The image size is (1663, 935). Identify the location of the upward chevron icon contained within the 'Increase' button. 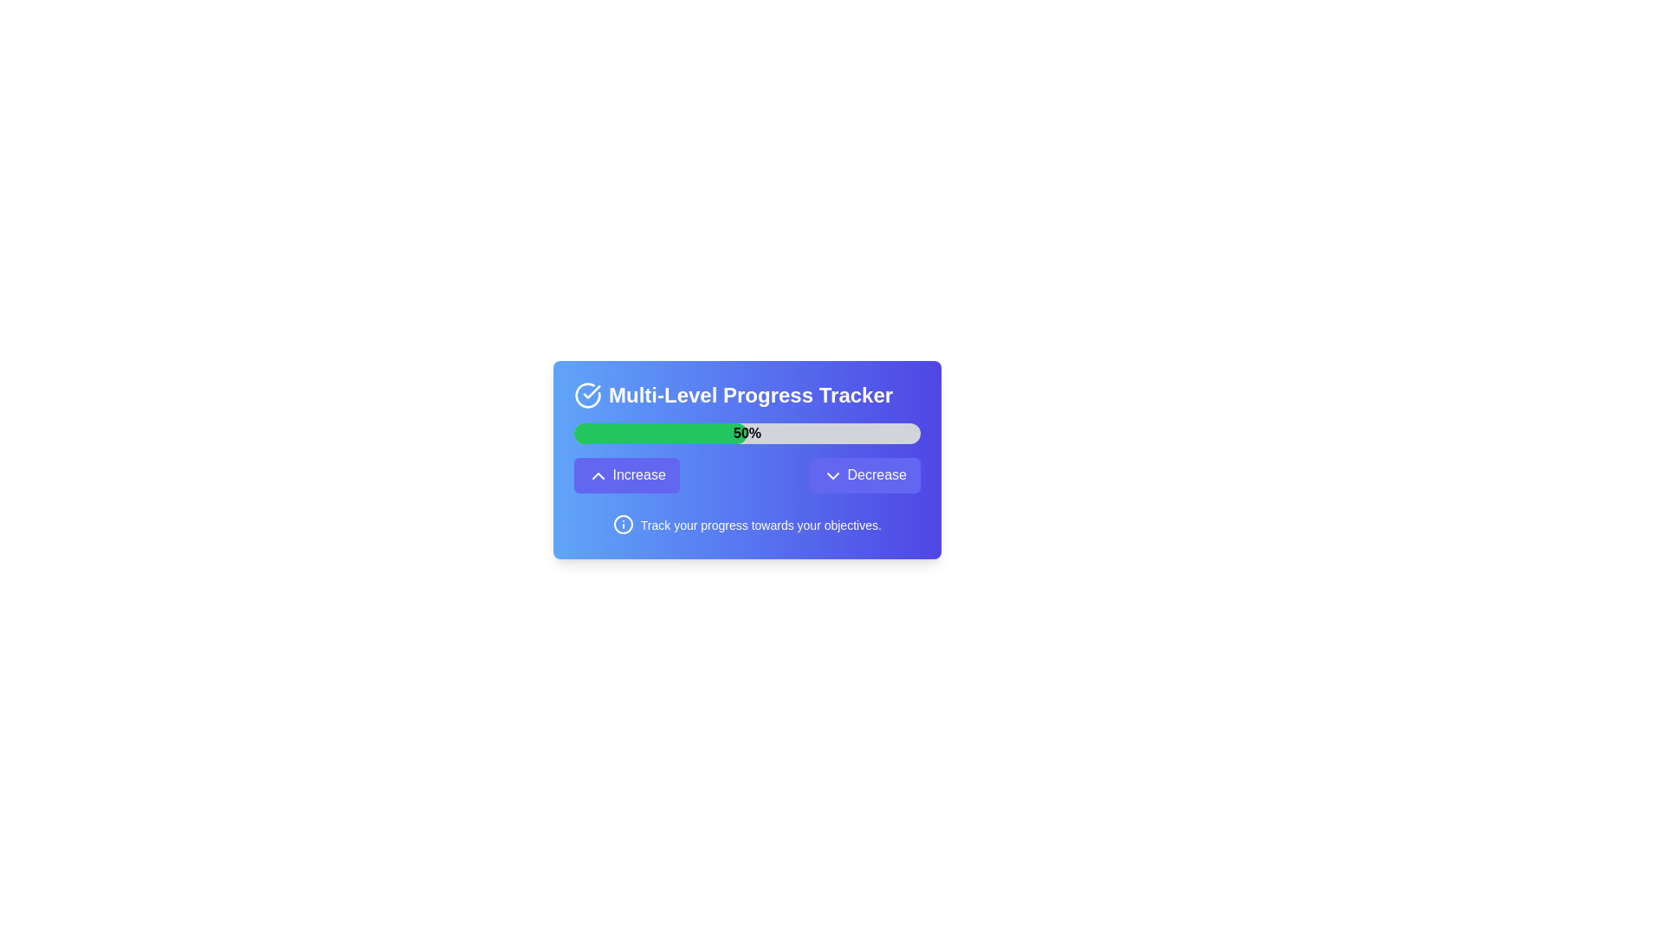
(599, 474).